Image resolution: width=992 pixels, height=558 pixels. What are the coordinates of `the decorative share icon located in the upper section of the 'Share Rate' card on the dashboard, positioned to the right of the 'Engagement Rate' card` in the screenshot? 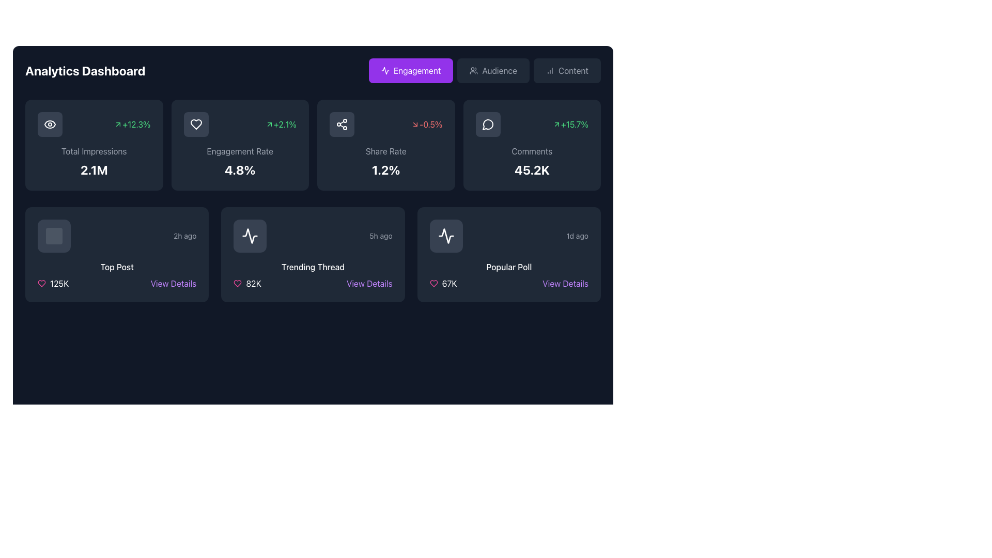 It's located at (342, 123).